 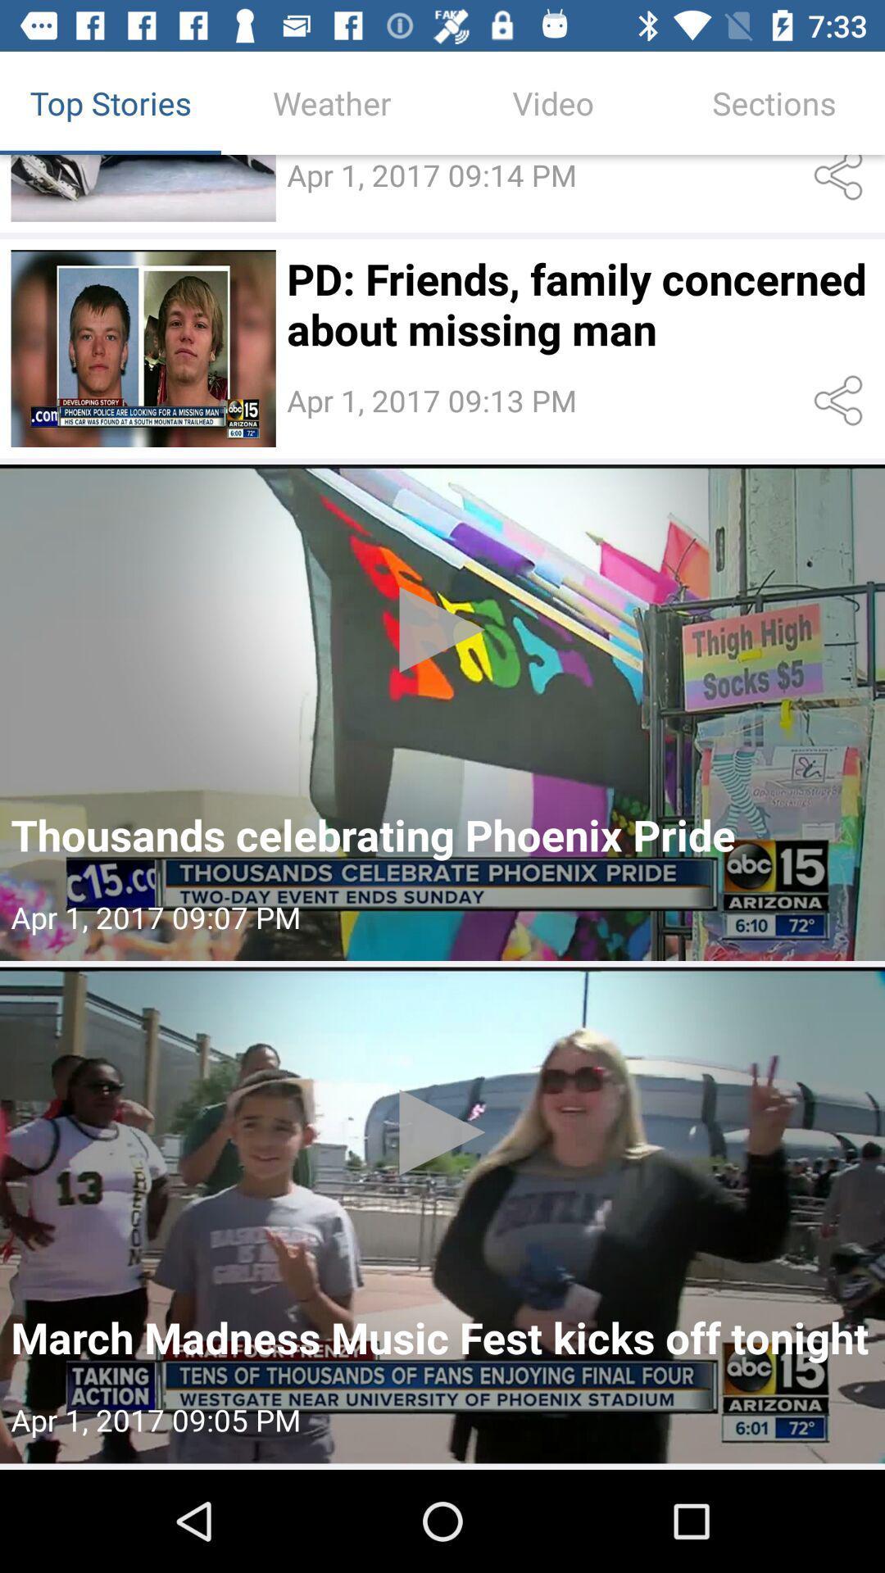 What do you see at coordinates (442, 712) in the screenshot?
I see `load news tile video` at bounding box center [442, 712].